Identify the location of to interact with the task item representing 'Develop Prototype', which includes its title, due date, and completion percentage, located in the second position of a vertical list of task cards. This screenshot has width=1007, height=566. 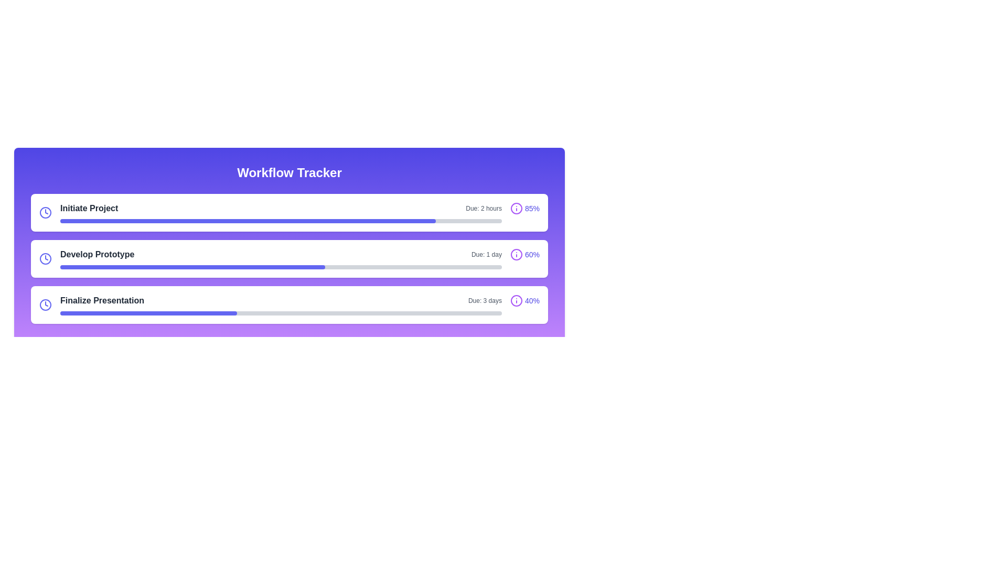
(290, 258).